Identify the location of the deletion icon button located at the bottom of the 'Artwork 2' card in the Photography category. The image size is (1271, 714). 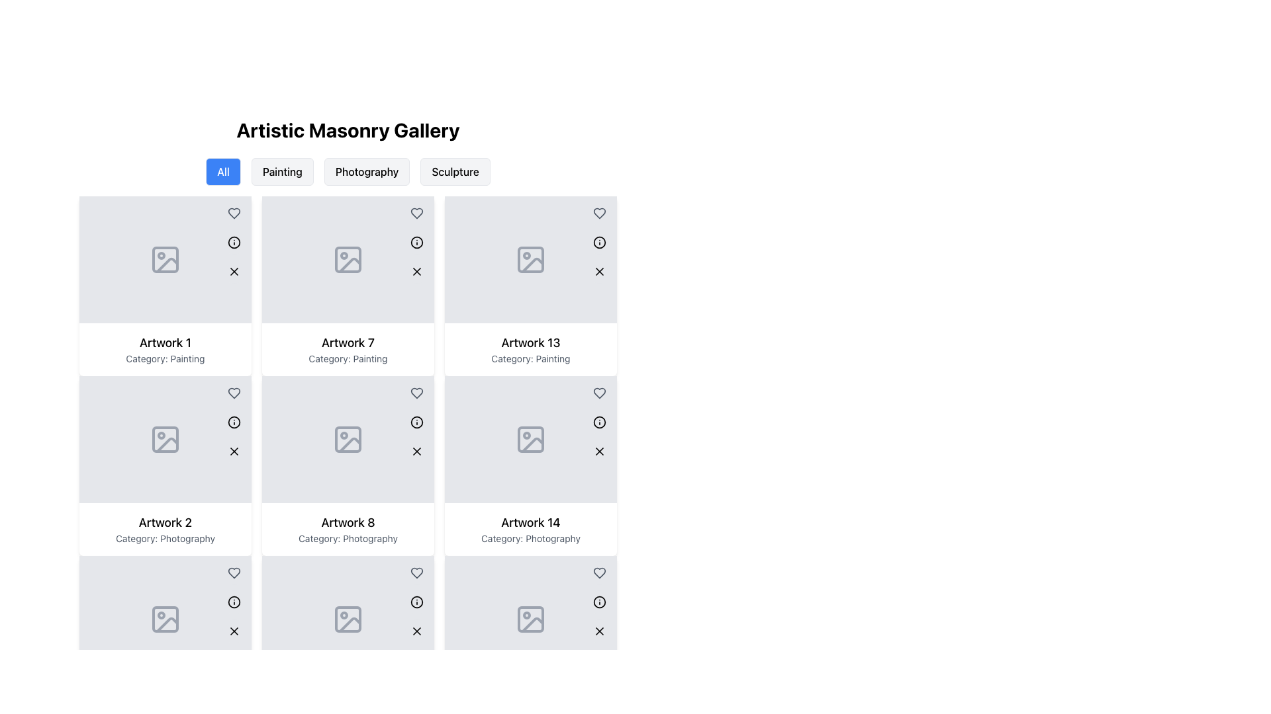
(234, 631).